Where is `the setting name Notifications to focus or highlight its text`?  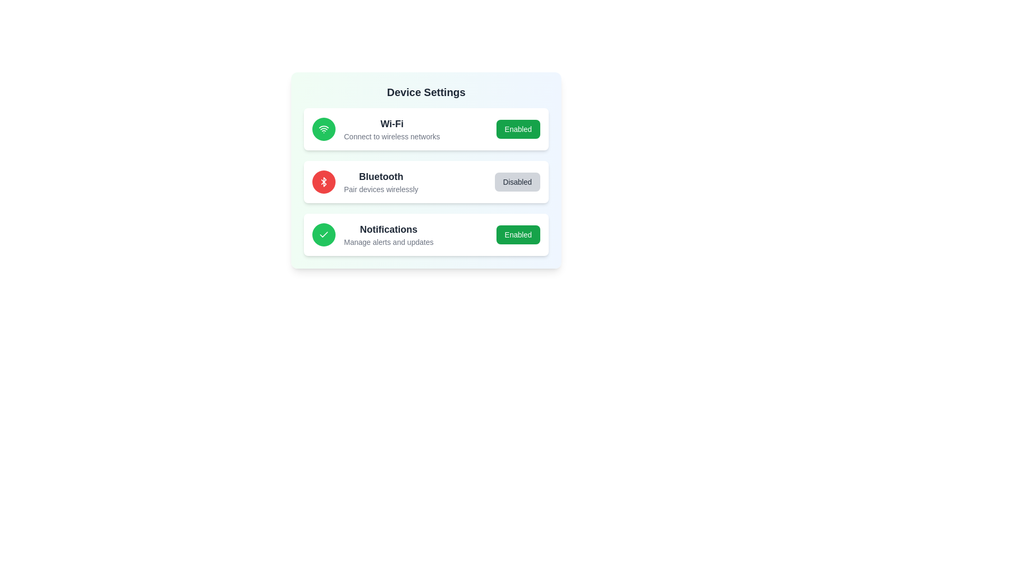
the setting name Notifications to focus or highlight its text is located at coordinates (388, 229).